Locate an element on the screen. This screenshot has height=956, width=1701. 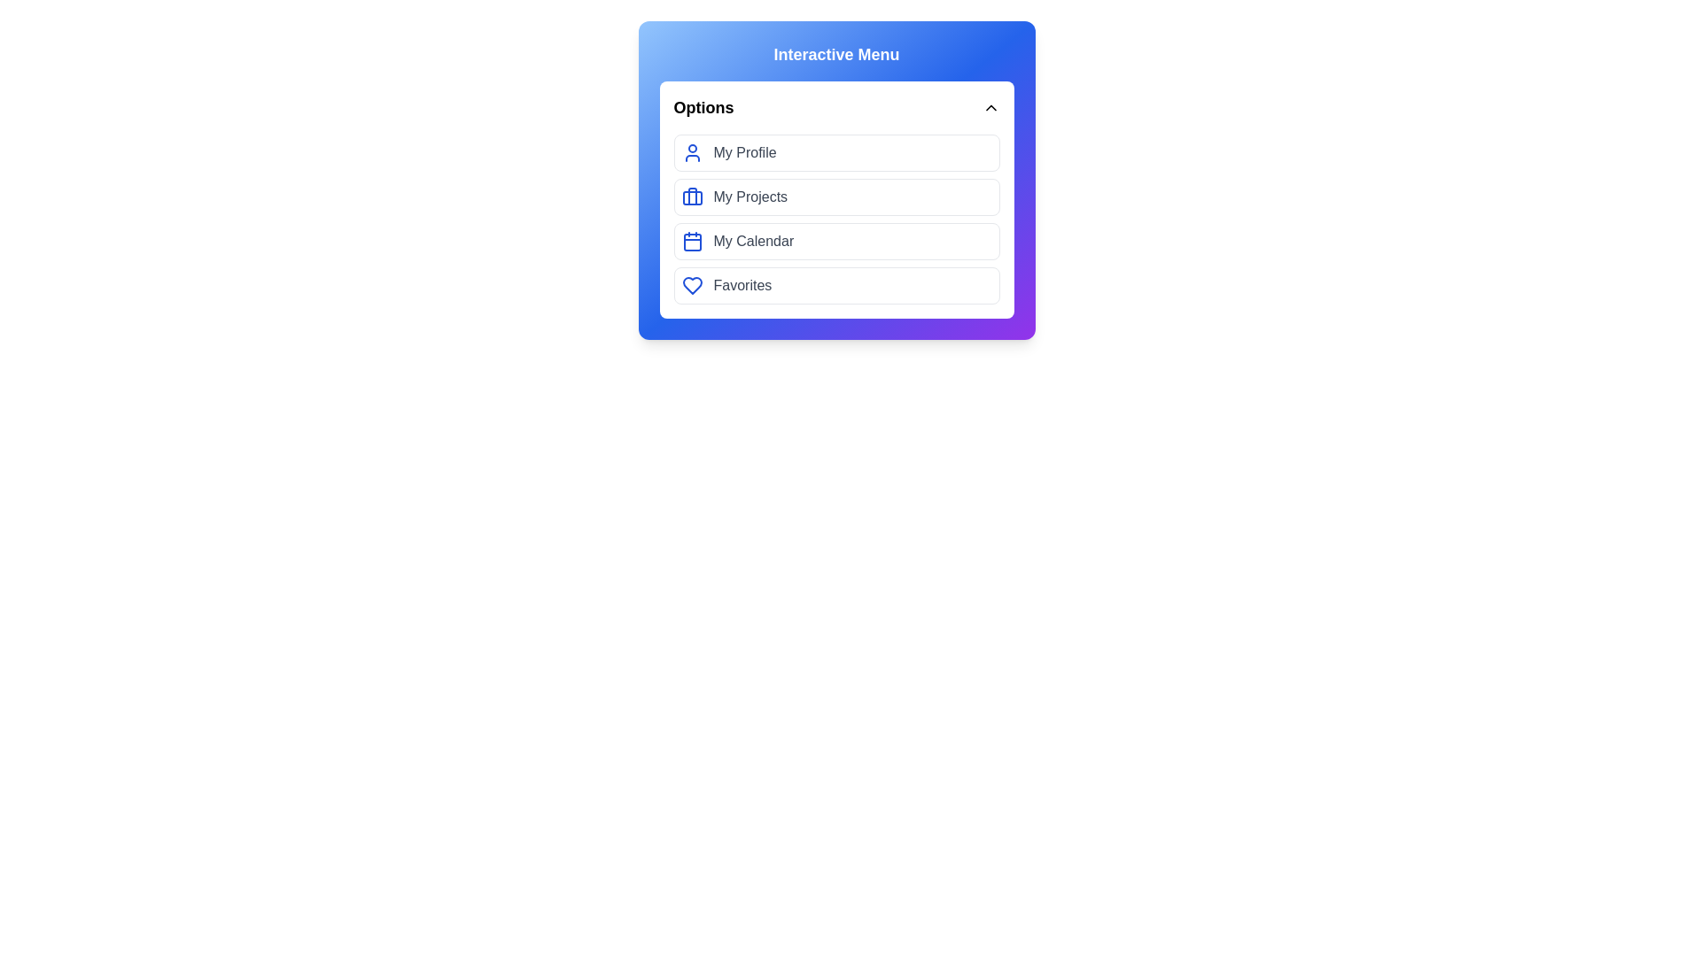
the 'Calendar' button located in the 'Interactive Menu' by navigating is located at coordinates (835, 242).